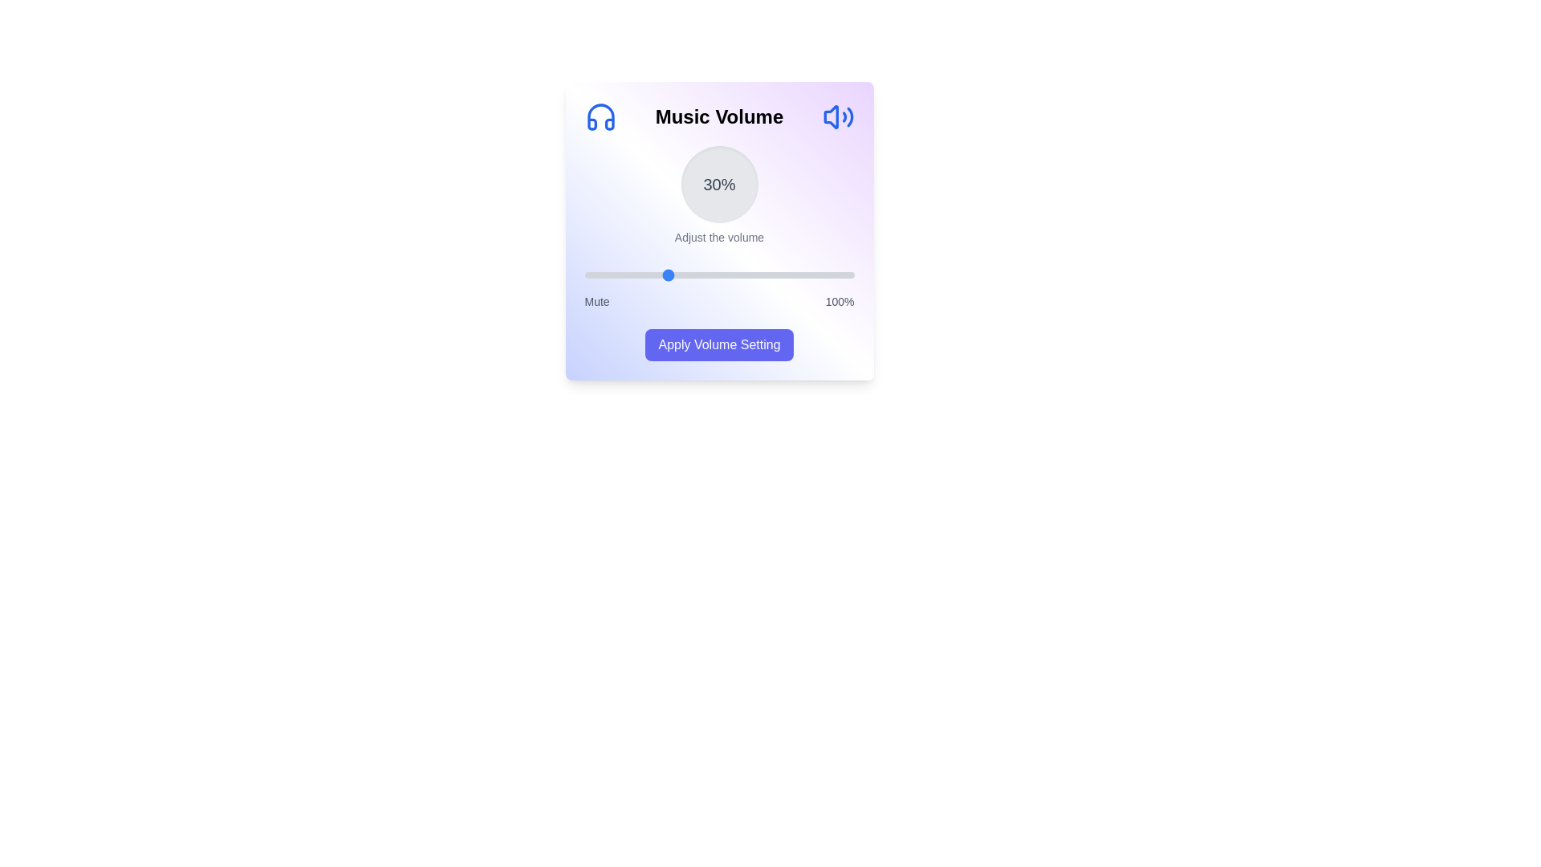 The width and height of the screenshot is (1541, 867). I want to click on the volume slider to 38%, so click(687, 275).